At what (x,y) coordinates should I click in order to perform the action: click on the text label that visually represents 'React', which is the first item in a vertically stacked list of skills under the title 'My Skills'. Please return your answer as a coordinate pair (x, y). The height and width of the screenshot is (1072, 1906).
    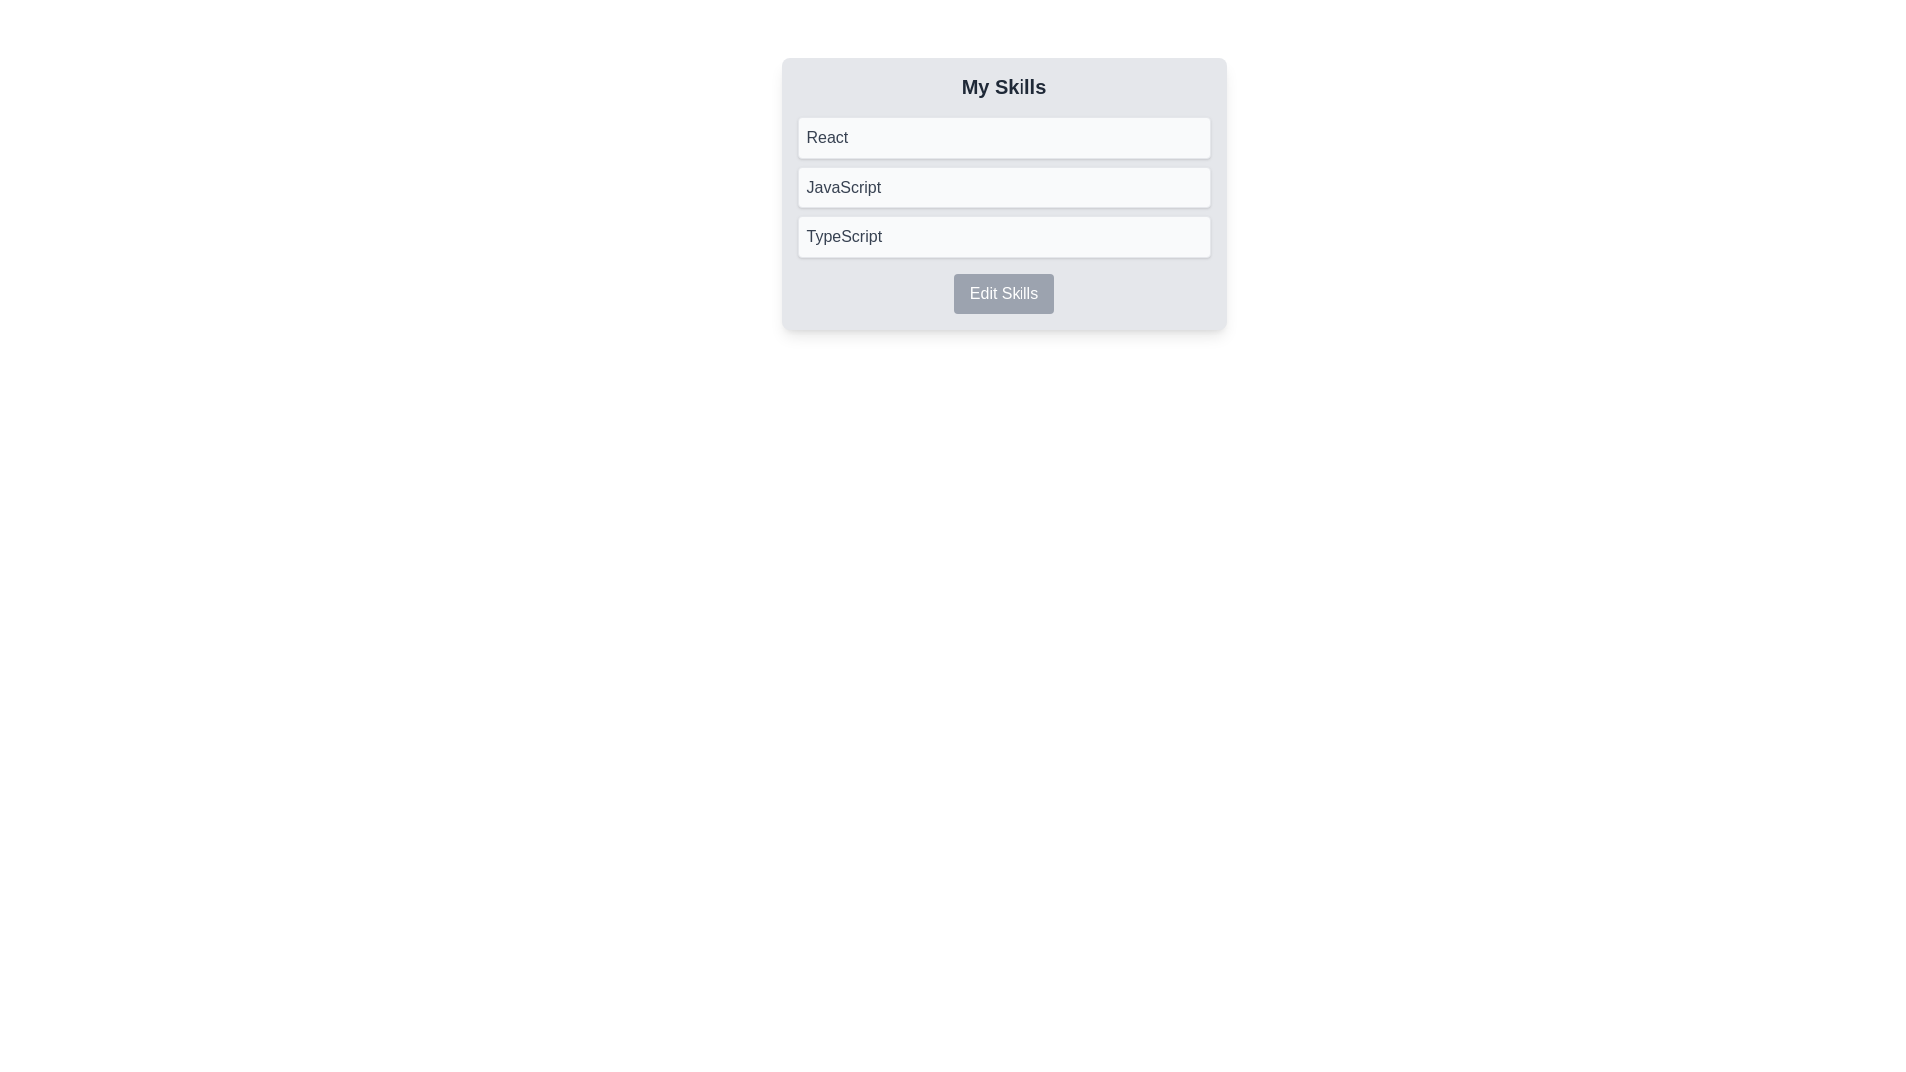
    Looking at the image, I should click on (827, 136).